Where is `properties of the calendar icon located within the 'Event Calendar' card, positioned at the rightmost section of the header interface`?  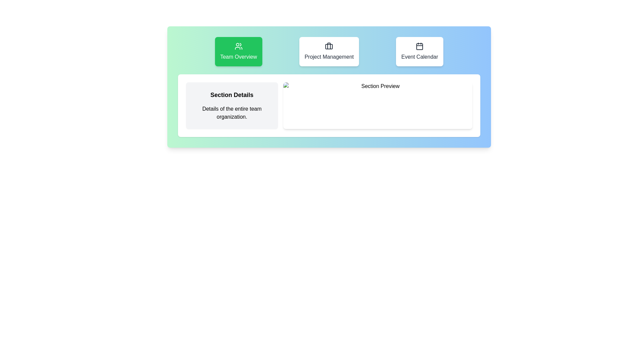 properties of the calendar icon located within the 'Event Calendar' card, positioned at the rightmost section of the header interface is located at coordinates (419, 46).